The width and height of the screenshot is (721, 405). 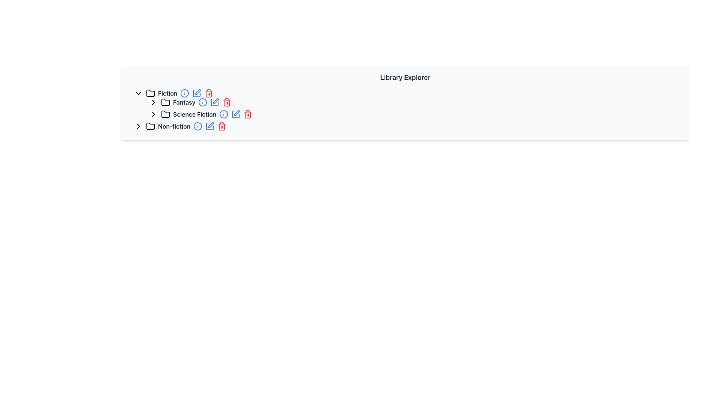 What do you see at coordinates (165, 102) in the screenshot?
I see `the folder icon styled with a thin outline and rounded corners, located to the left of the label 'Fantasy' in the tree menu under 'Fiction'` at bounding box center [165, 102].